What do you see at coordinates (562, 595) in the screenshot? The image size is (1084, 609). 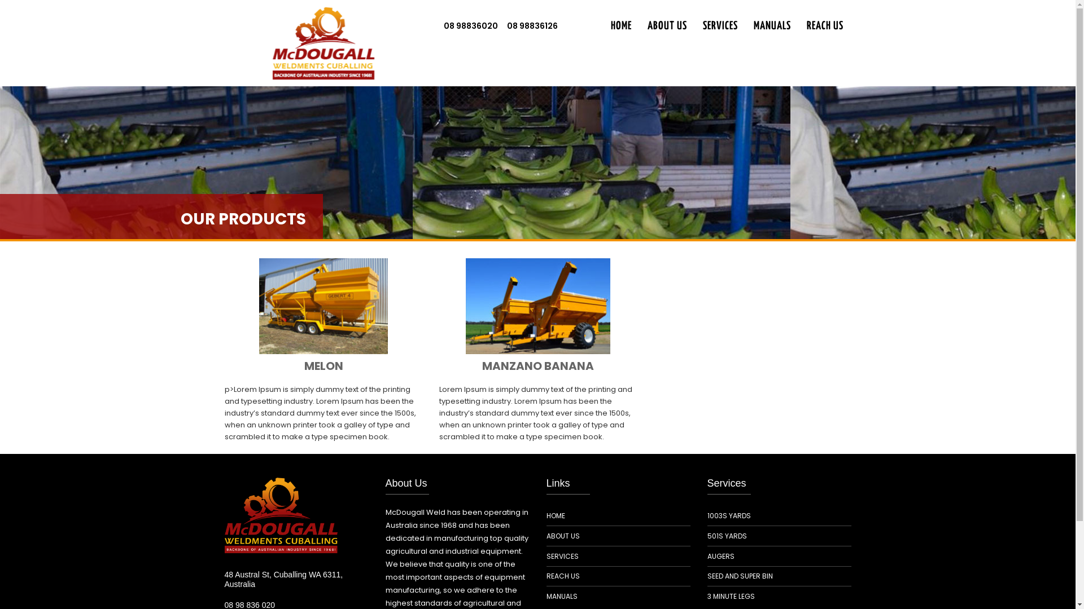 I see `'MANUALS'` at bounding box center [562, 595].